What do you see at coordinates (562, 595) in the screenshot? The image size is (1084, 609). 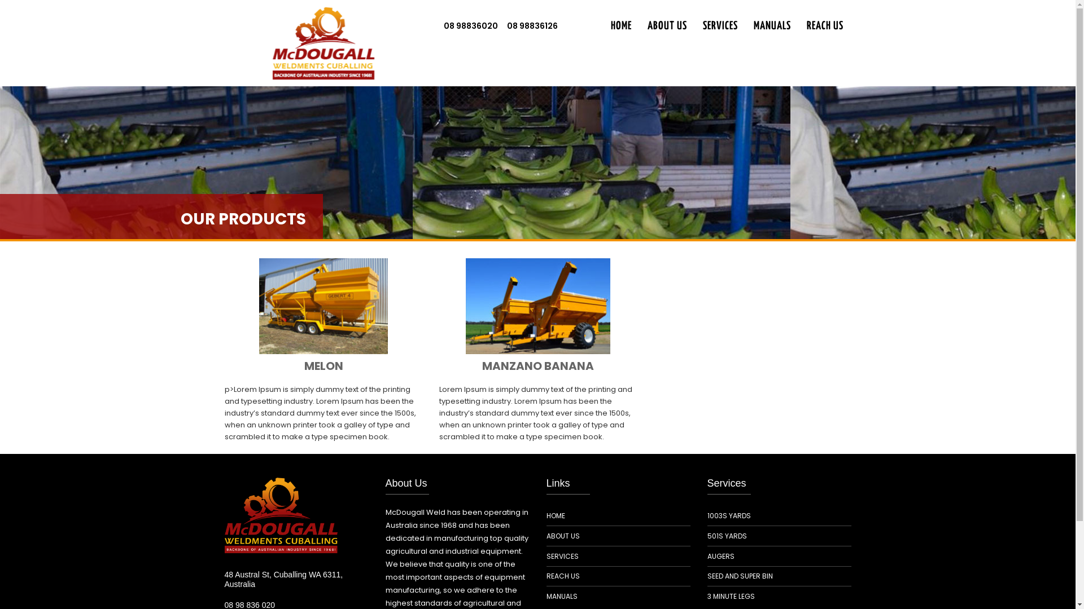 I see `'MANUALS'` at bounding box center [562, 595].